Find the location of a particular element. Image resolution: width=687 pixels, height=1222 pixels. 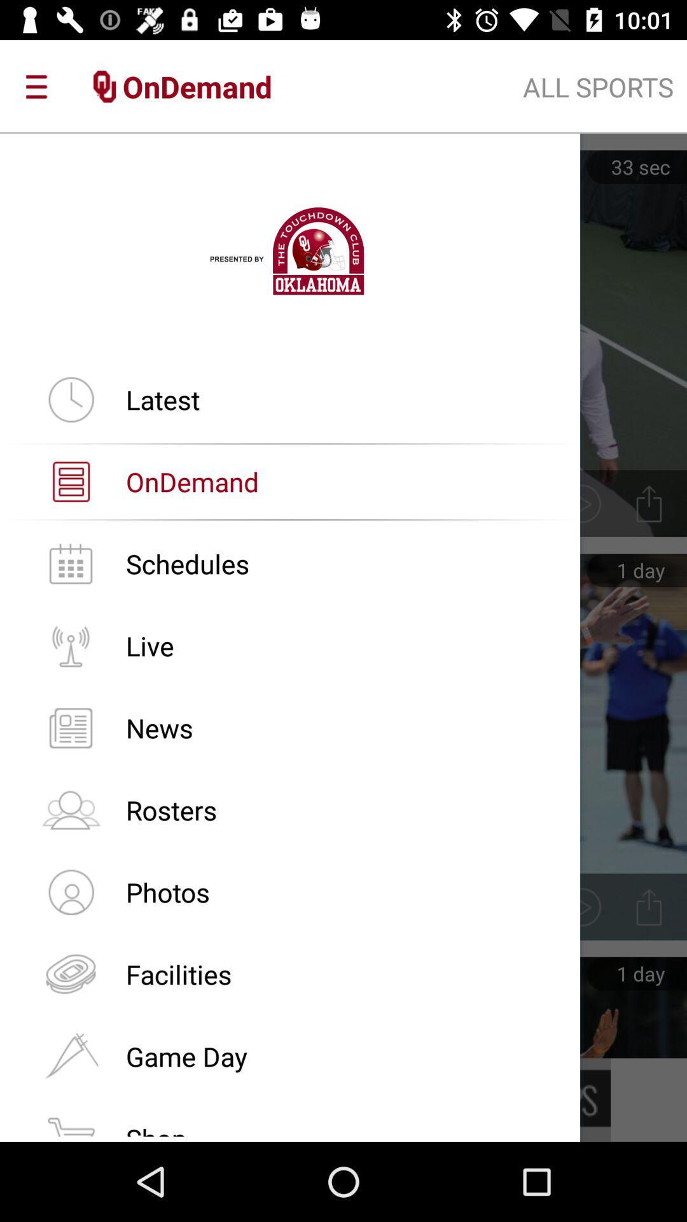

icon which is beside the latest is located at coordinates (71, 399).